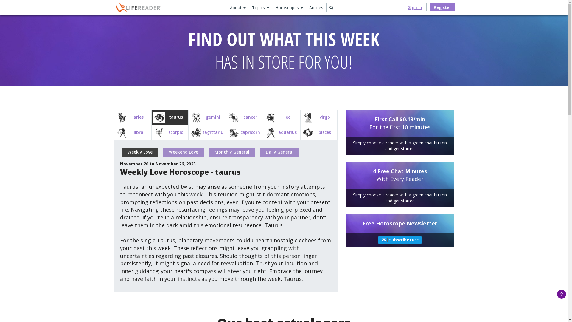 The image size is (572, 322). I want to click on 'About', so click(237, 8).